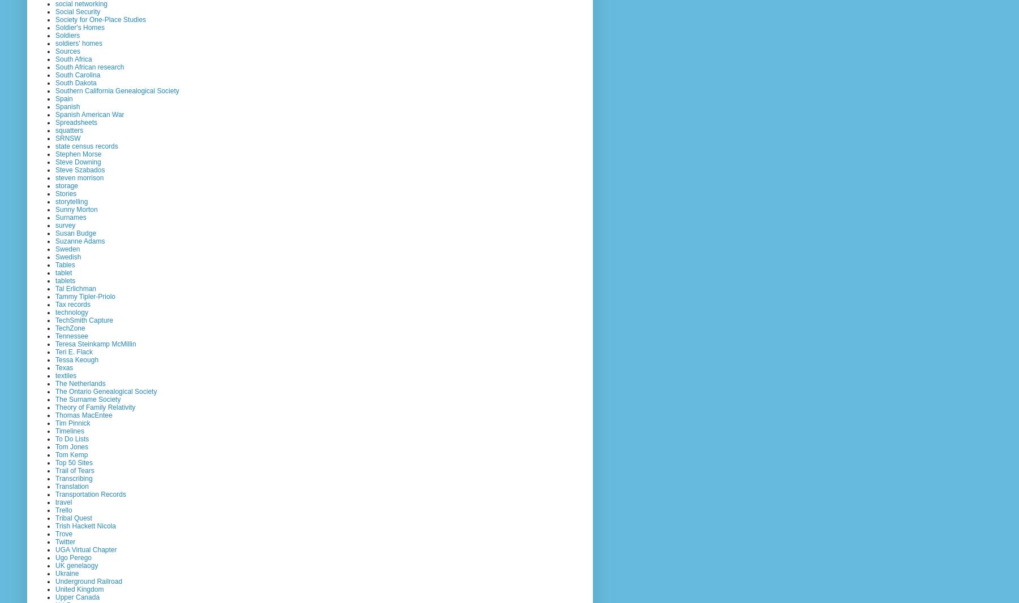 The width and height of the screenshot is (1019, 603). Describe the element at coordinates (54, 501) in the screenshot. I see `'travel'` at that location.